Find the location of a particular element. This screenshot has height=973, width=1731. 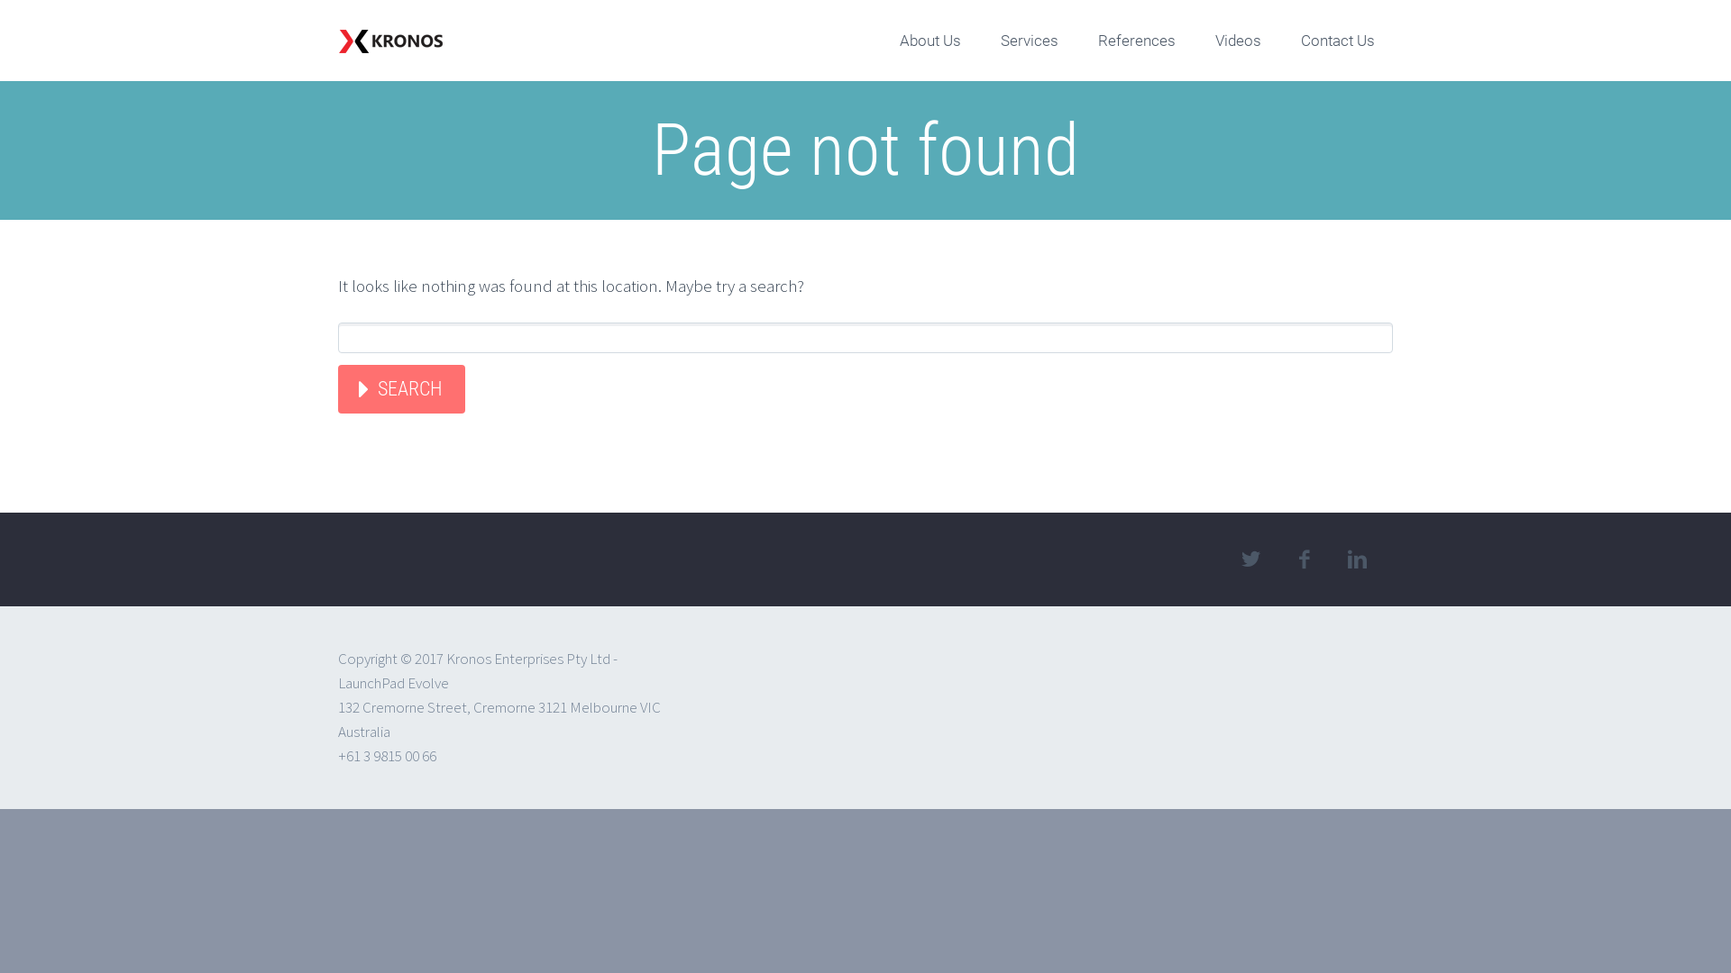

'Services' is located at coordinates (1030, 41).